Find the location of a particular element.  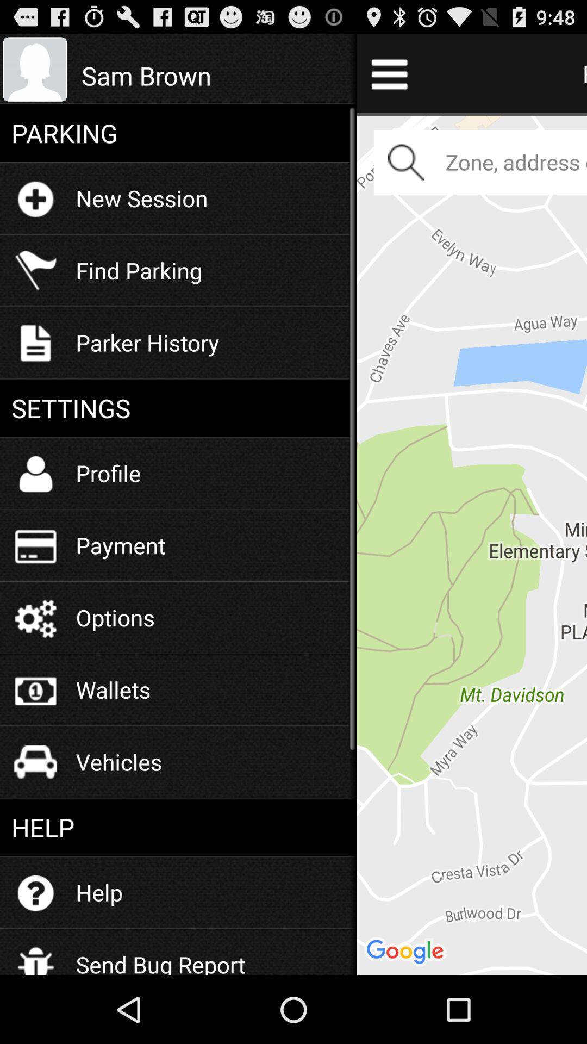

the vehicles item is located at coordinates (119, 761).